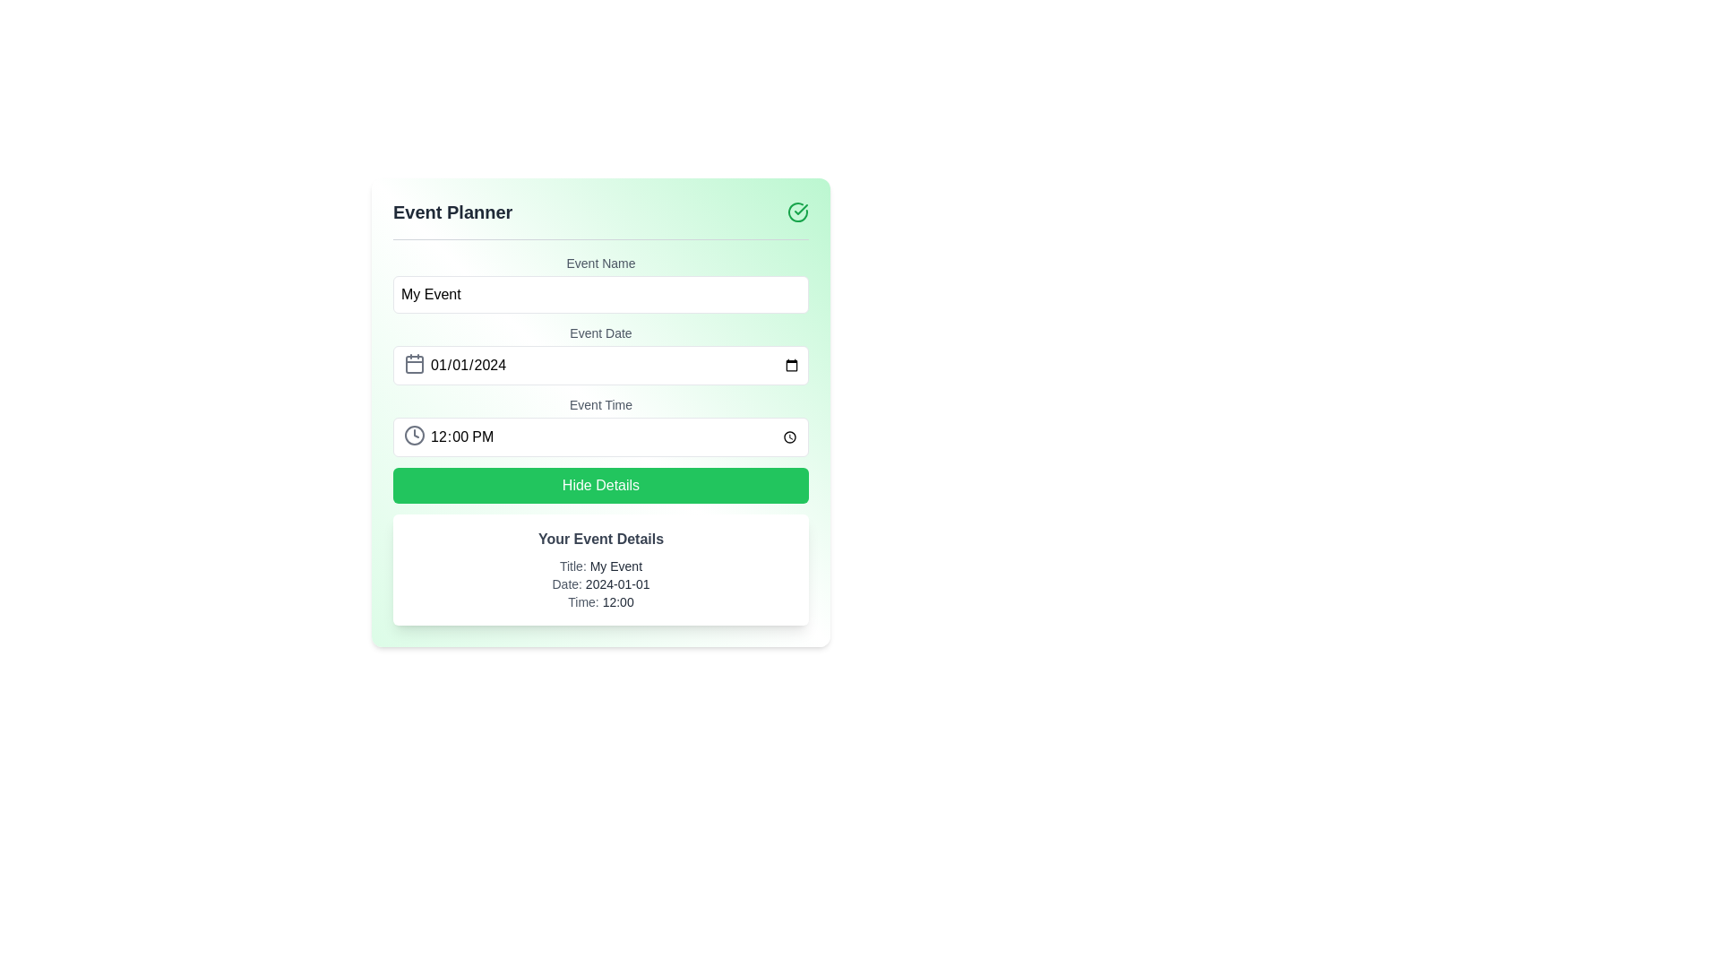 The height and width of the screenshot is (968, 1720). I want to click on the static text label indicating the event date input field, which is positioned in the top-left quadrant of the interface, serving as a descriptor for the adjacent date input field, so click(601, 333).